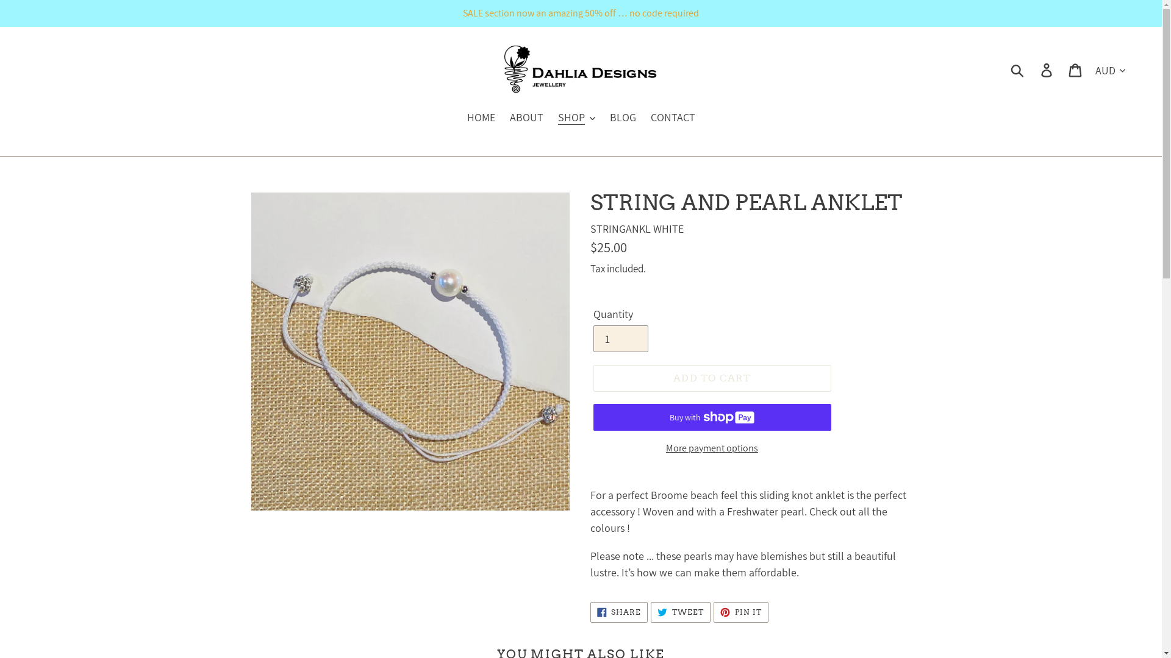 This screenshot has width=1171, height=658. I want to click on 'BLOG', so click(623, 118).